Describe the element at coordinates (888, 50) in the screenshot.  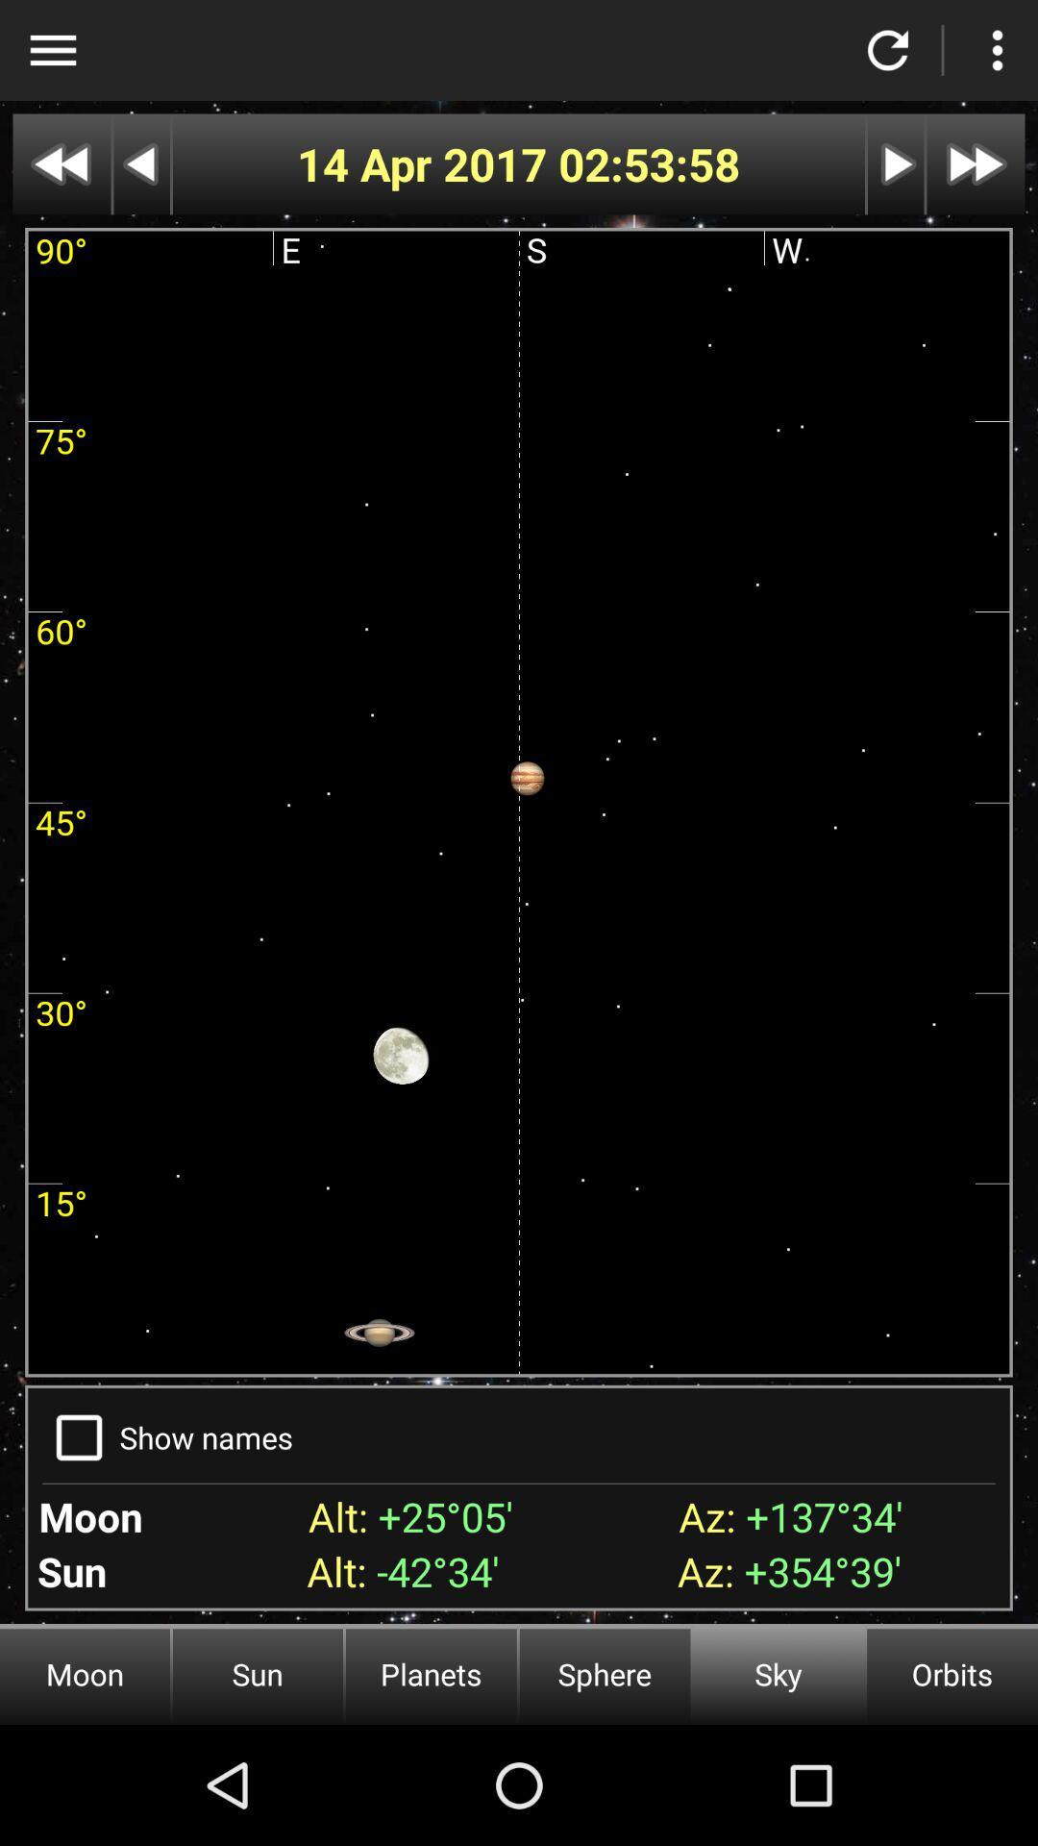
I see `refresh` at that location.